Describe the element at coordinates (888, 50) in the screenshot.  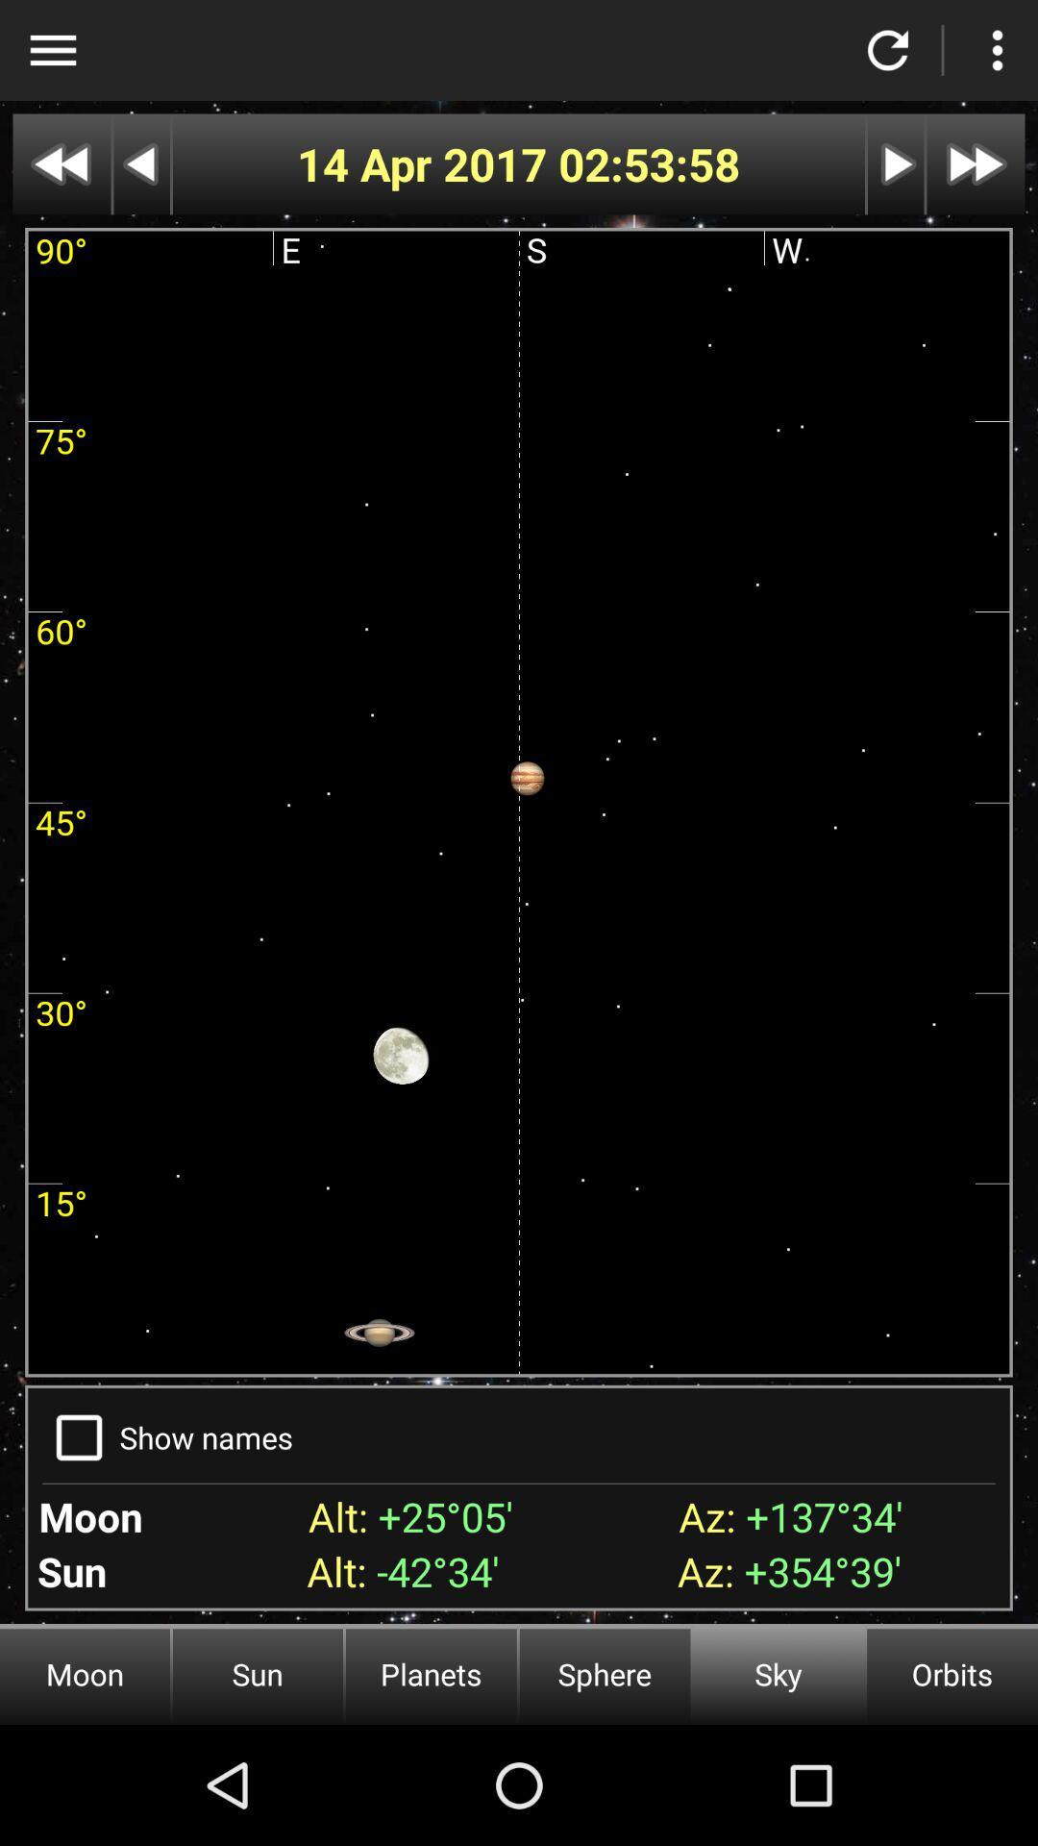
I see `refresh` at that location.